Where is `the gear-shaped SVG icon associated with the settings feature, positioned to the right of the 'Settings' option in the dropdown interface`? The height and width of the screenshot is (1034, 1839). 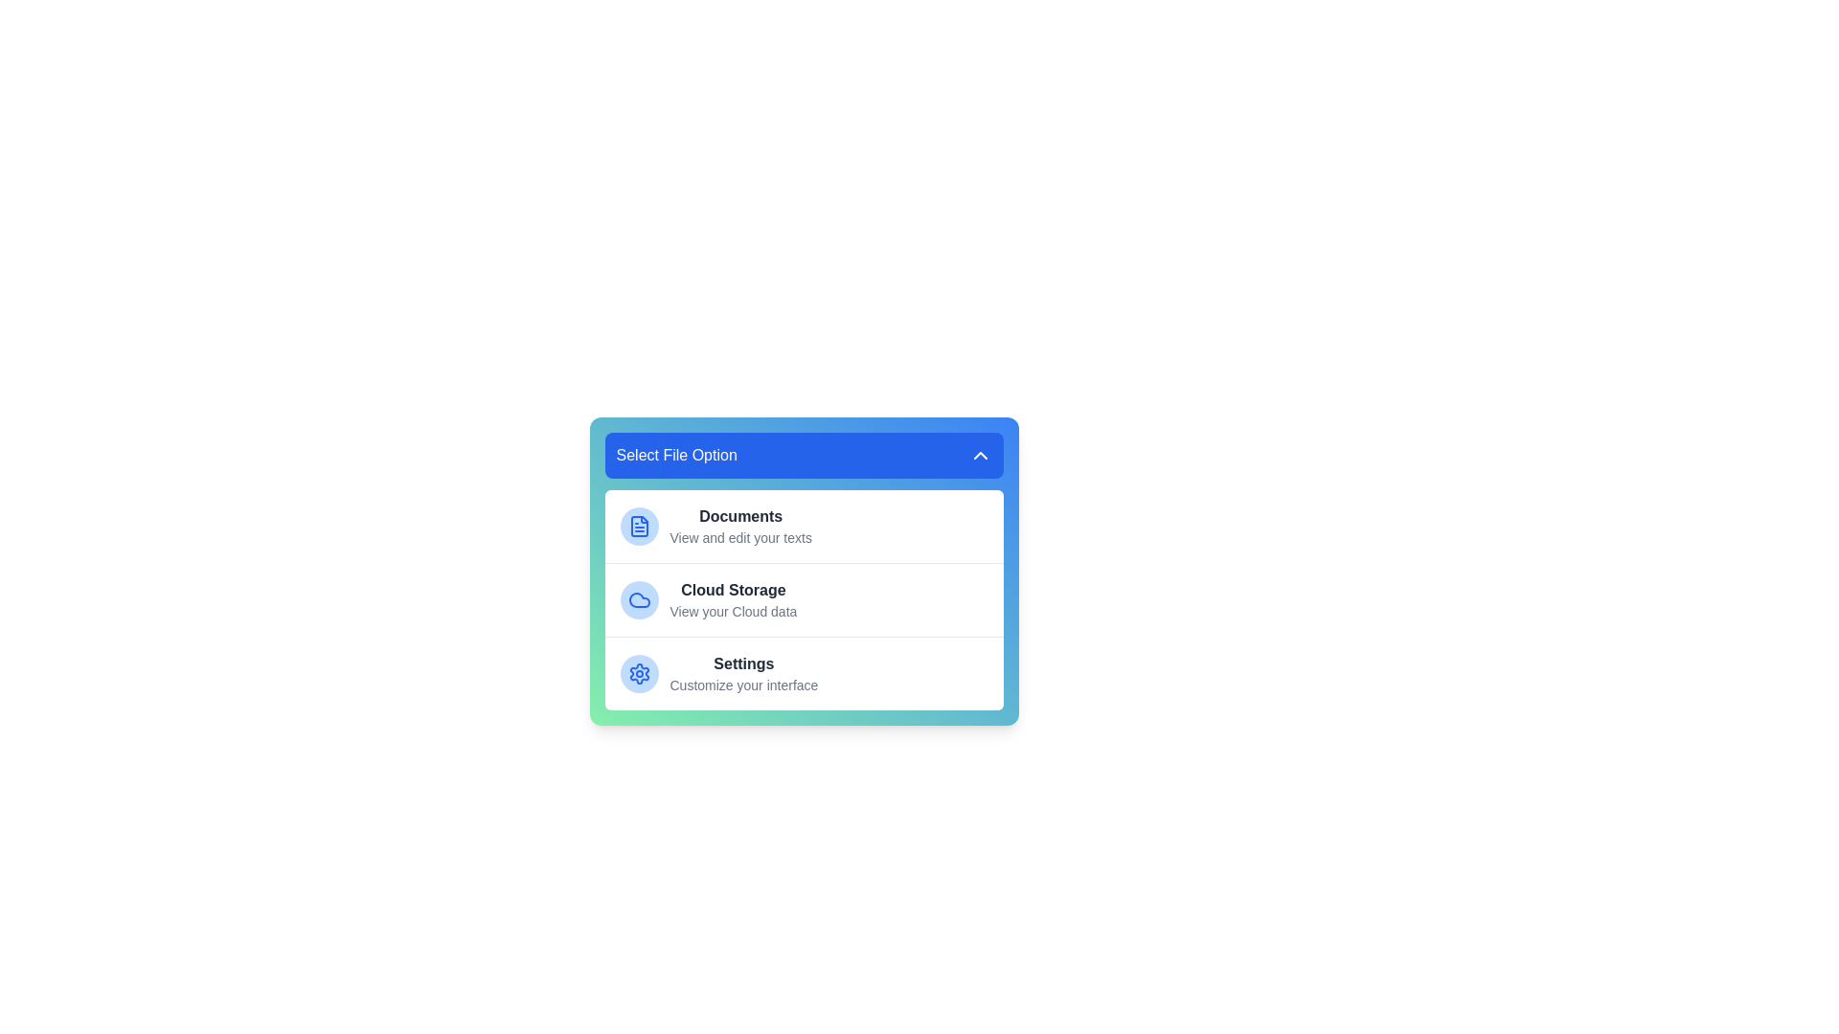 the gear-shaped SVG icon associated with the settings feature, positioned to the right of the 'Settings' option in the dropdown interface is located at coordinates (639, 673).